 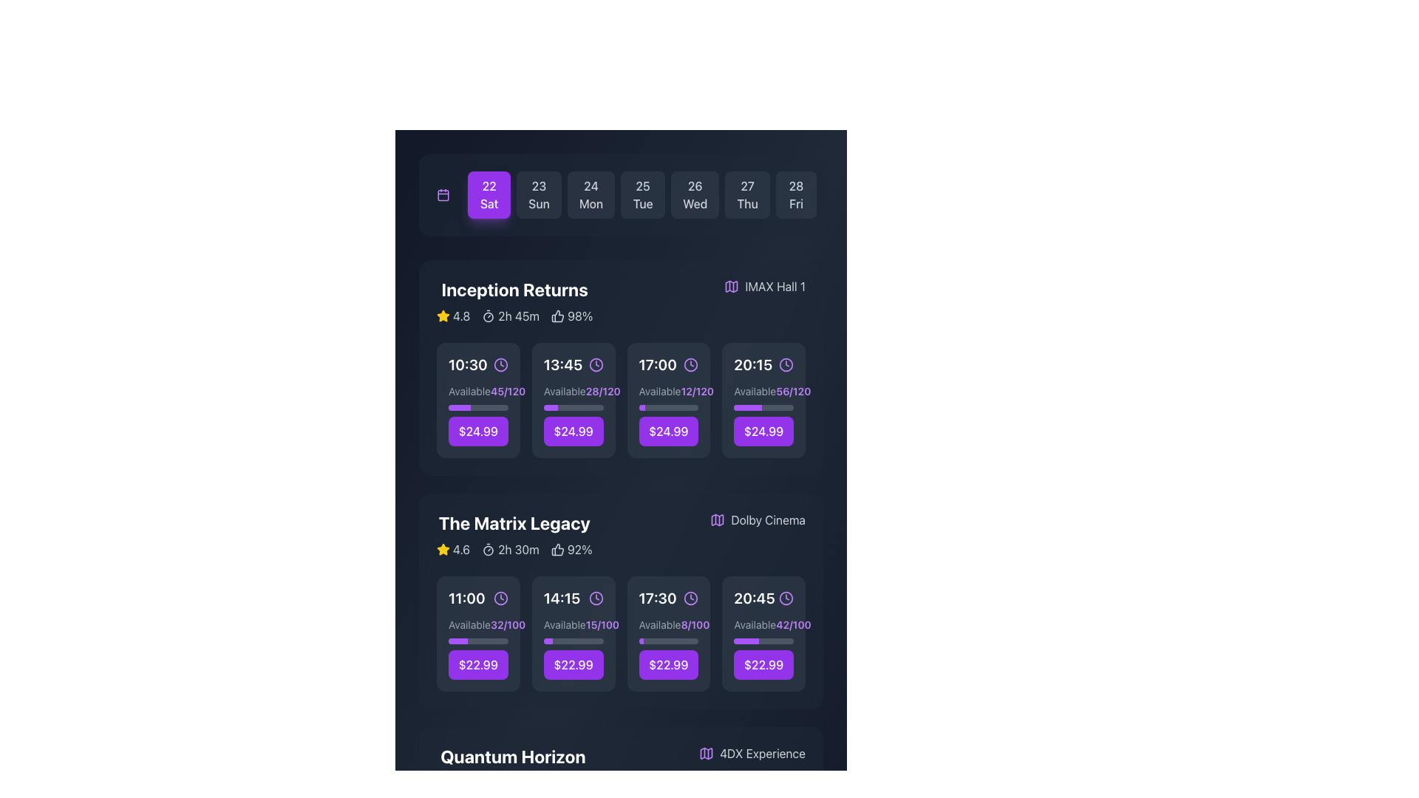 What do you see at coordinates (770, 400) in the screenshot?
I see `the button for selecting seats for the 20:15 showtime of 'Inception Returns' in IMAX Hall 1` at bounding box center [770, 400].